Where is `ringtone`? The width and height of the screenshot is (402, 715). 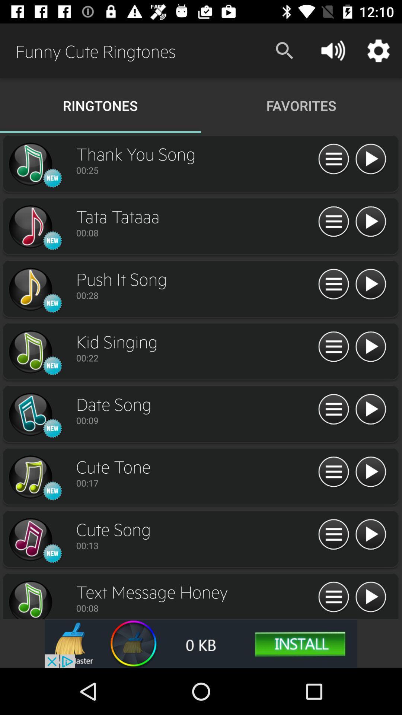 ringtone is located at coordinates (370, 597).